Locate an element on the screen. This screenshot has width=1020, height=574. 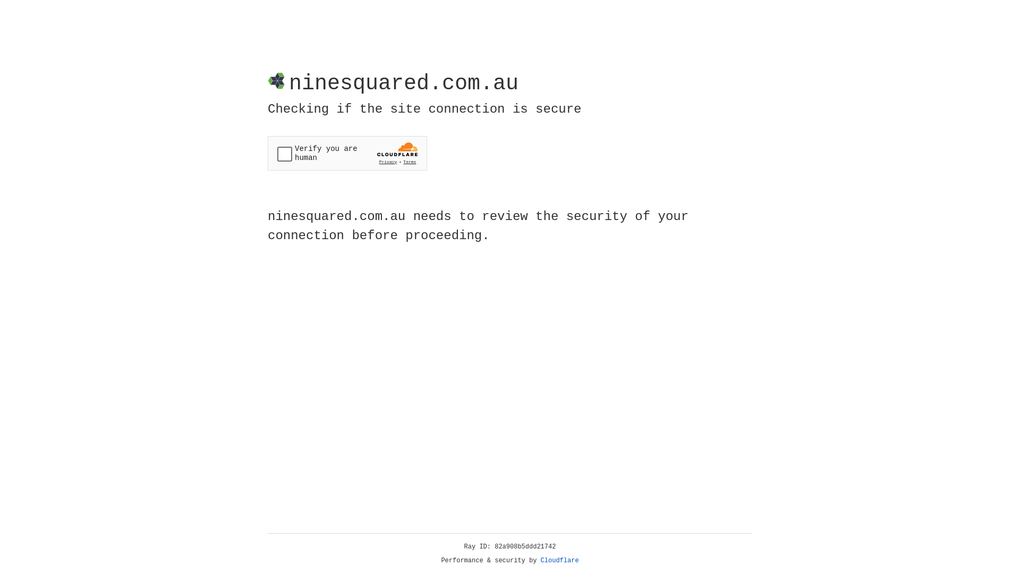
'Cloudflare' is located at coordinates (559, 560).